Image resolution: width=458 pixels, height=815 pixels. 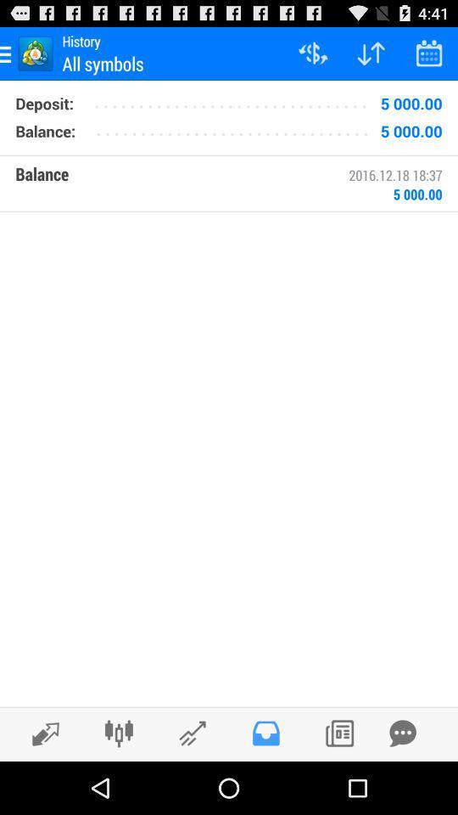 I want to click on notes, so click(x=339, y=733).